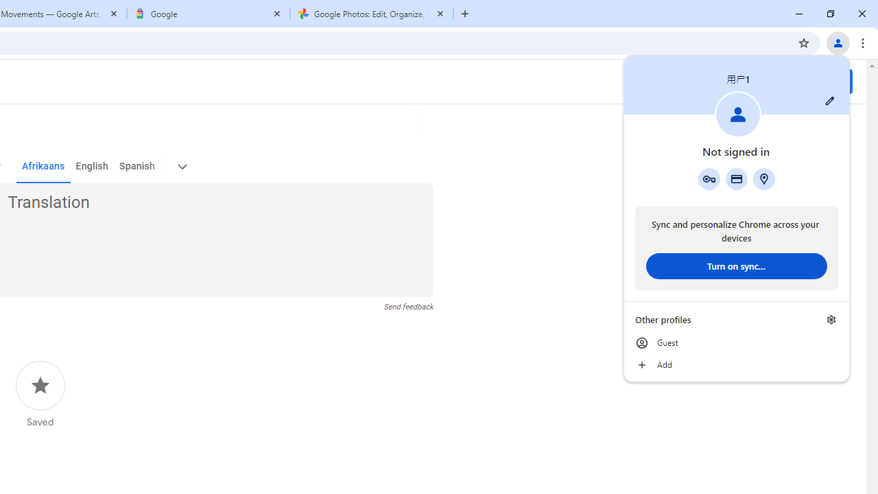 This screenshot has width=878, height=494. Describe the element at coordinates (407, 306) in the screenshot. I see `'Send feedback'` at that location.